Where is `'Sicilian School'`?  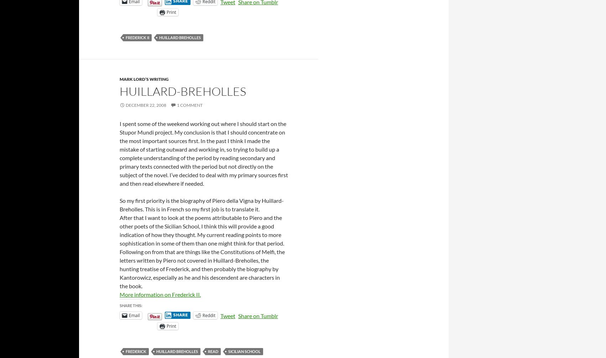
'Sicilian School' is located at coordinates (244, 351).